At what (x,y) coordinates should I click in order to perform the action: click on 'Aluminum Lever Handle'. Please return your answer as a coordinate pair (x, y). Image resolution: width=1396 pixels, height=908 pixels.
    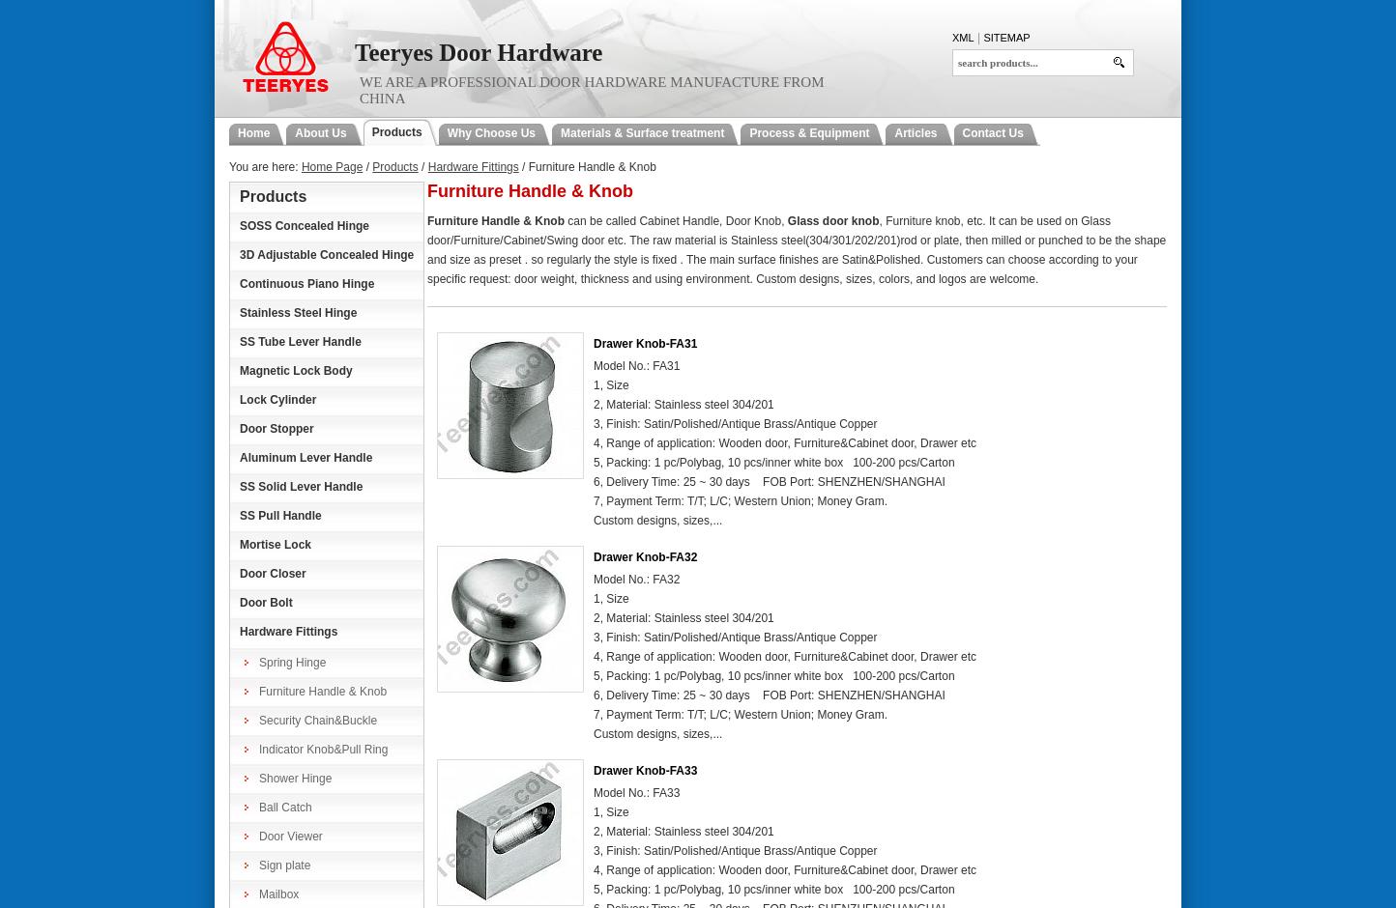
    Looking at the image, I should click on (305, 458).